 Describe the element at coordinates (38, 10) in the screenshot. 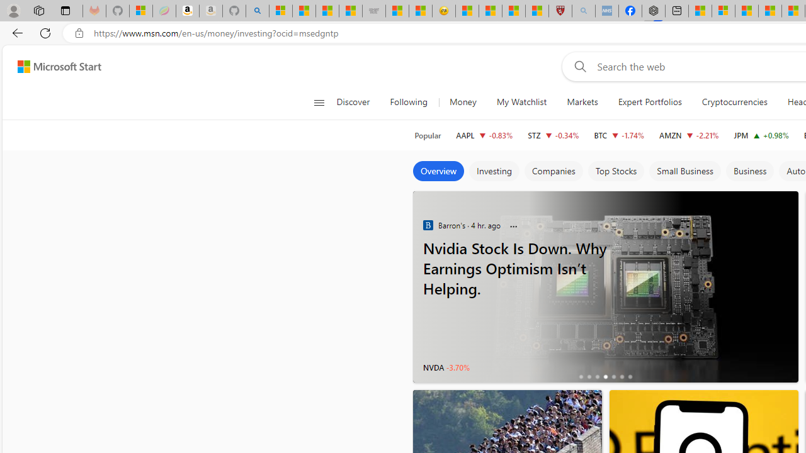

I see `'Workspaces'` at that location.